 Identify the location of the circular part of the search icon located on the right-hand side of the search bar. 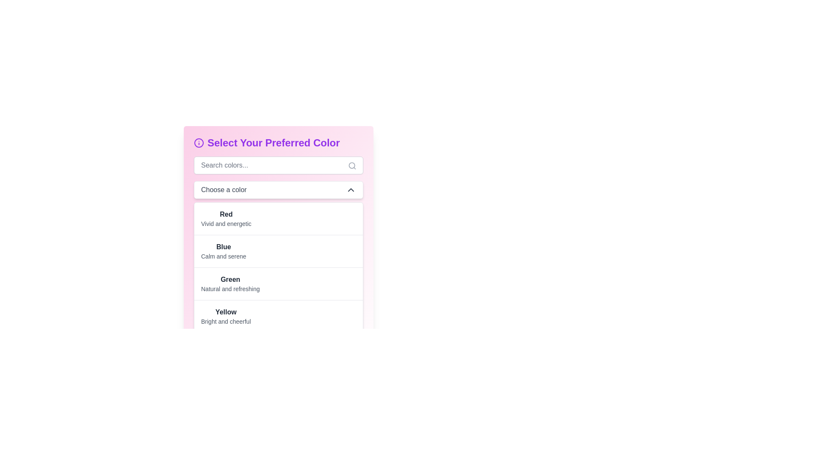
(352, 165).